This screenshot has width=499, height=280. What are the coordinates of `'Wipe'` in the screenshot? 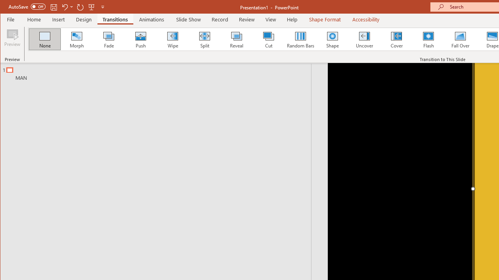 It's located at (172, 39).